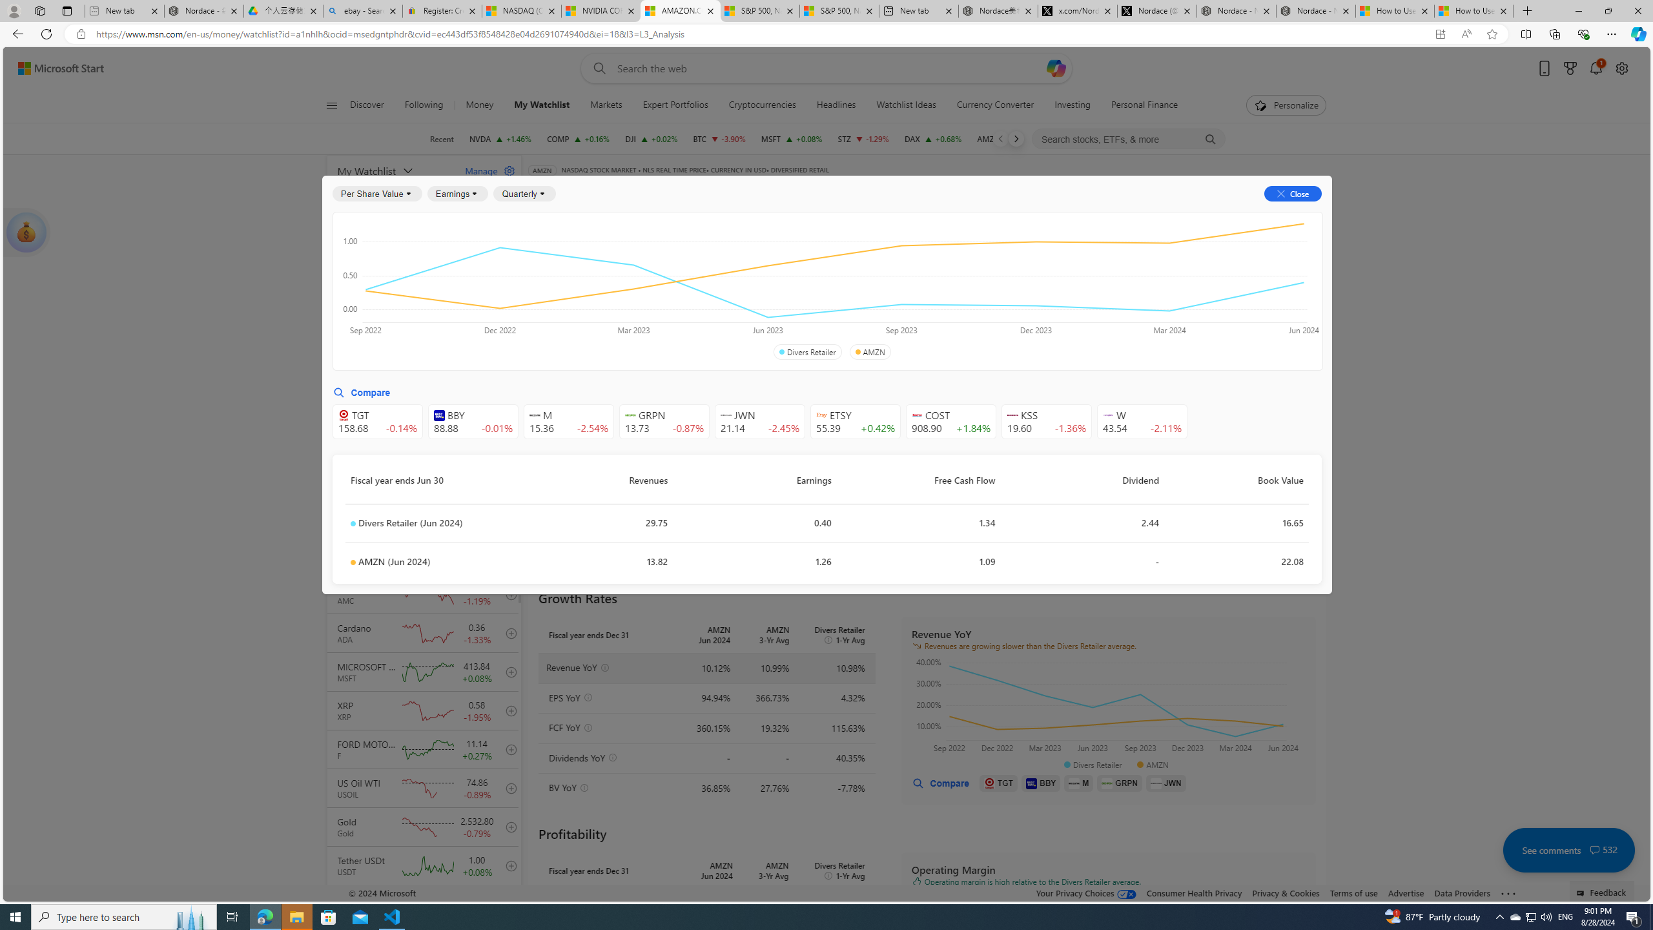 Image resolution: width=1653 pixels, height=930 pixels. Describe the element at coordinates (1583, 33) in the screenshot. I see `'Browser essentials'` at that location.